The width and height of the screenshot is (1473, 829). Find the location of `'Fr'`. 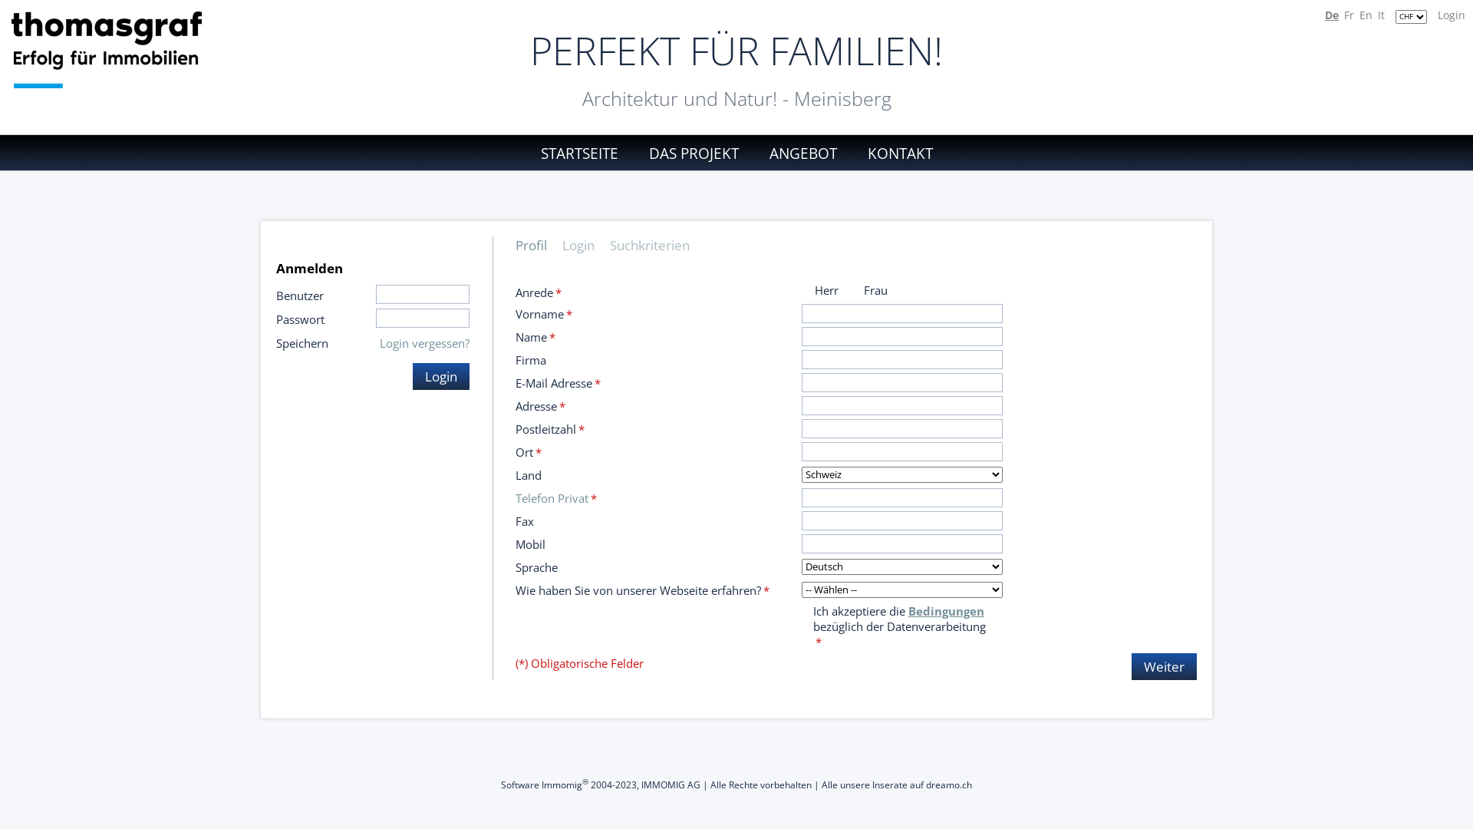

'Fr' is located at coordinates (1348, 15).